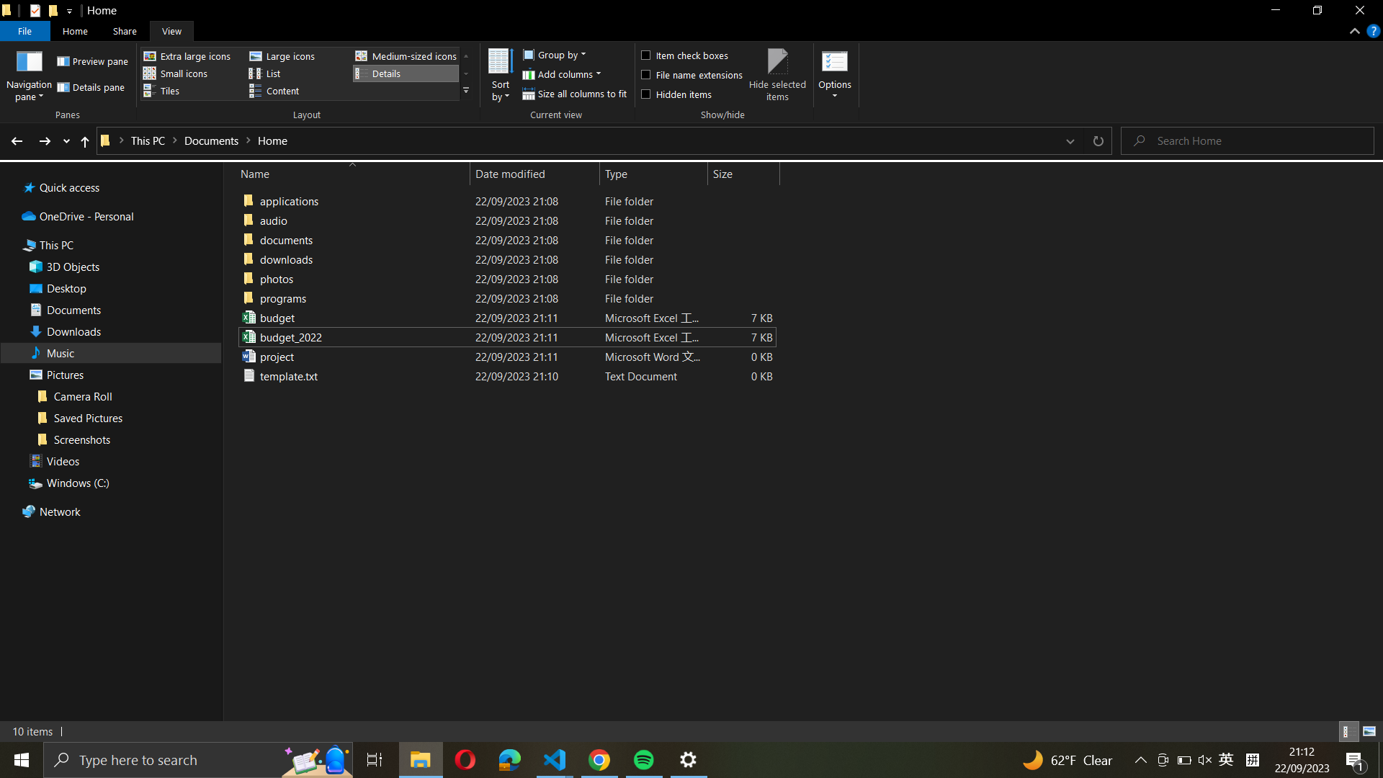 Image resolution: width=1383 pixels, height=778 pixels. I want to click on the Desktop directory directly through the sidebar, so click(112, 288).